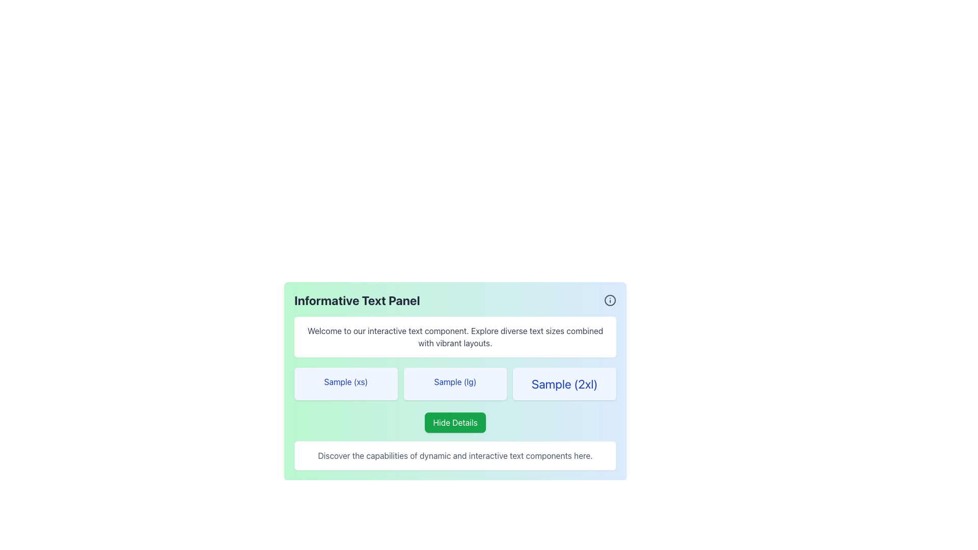 The image size is (978, 550). What do you see at coordinates (454, 455) in the screenshot?
I see `the label displaying 'Discover the capabilities of dynamic and interactive text components here.' which is styled in gray font and located beneath the 'Hide Details' green button` at bounding box center [454, 455].